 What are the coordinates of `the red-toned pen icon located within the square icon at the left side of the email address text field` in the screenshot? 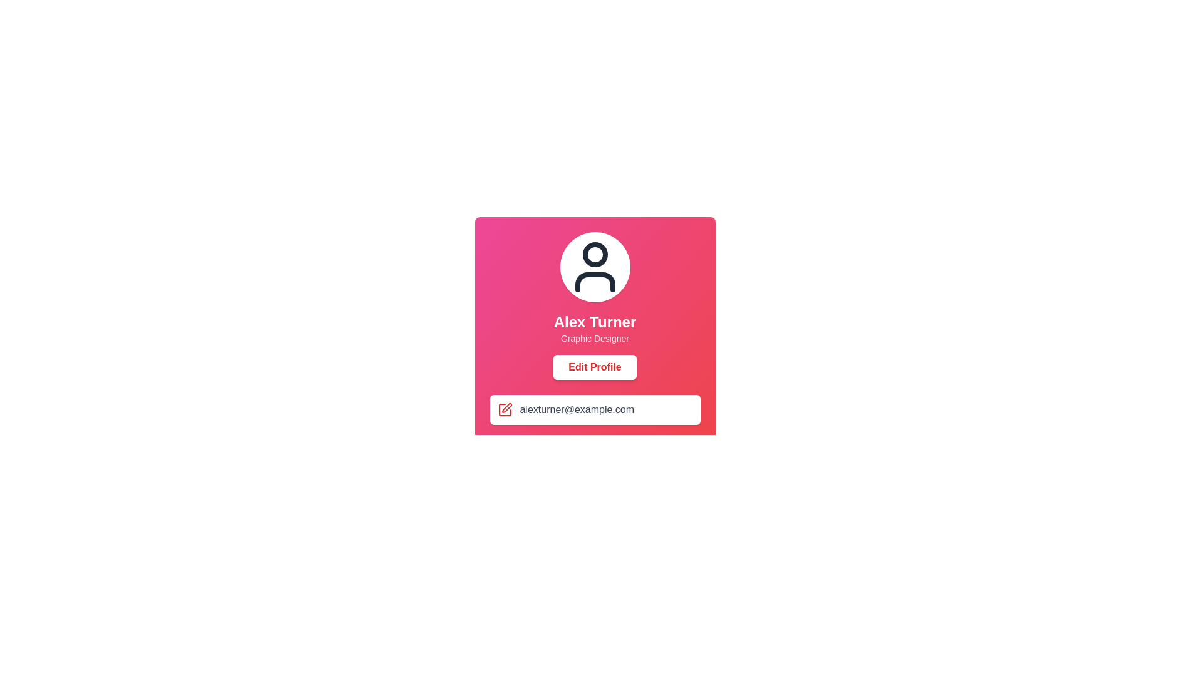 It's located at (506, 407).